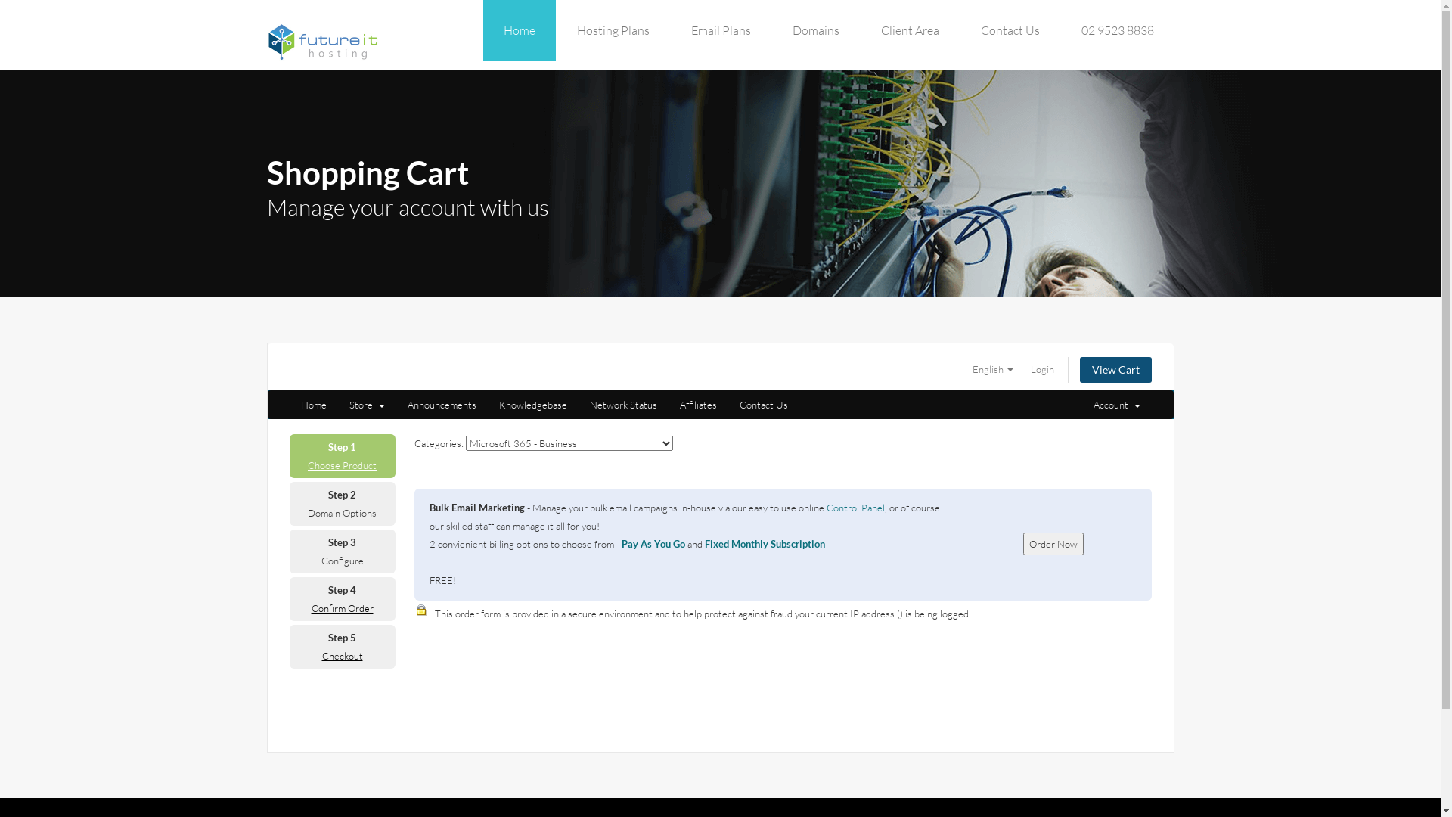 This screenshot has height=817, width=1452. What do you see at coordinates (576, 404) in the screenshot?
I see `'Network Status'` at bounding box center [576, 404].